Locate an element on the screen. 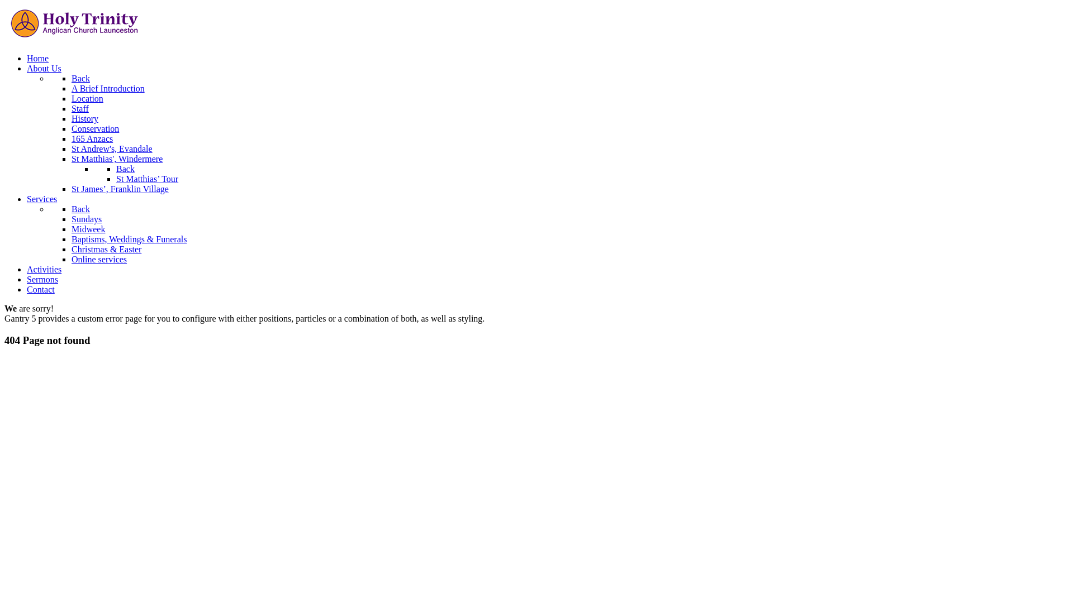  'Baptisms, Weddings & Funerals' is located at coordinates (71, 238).